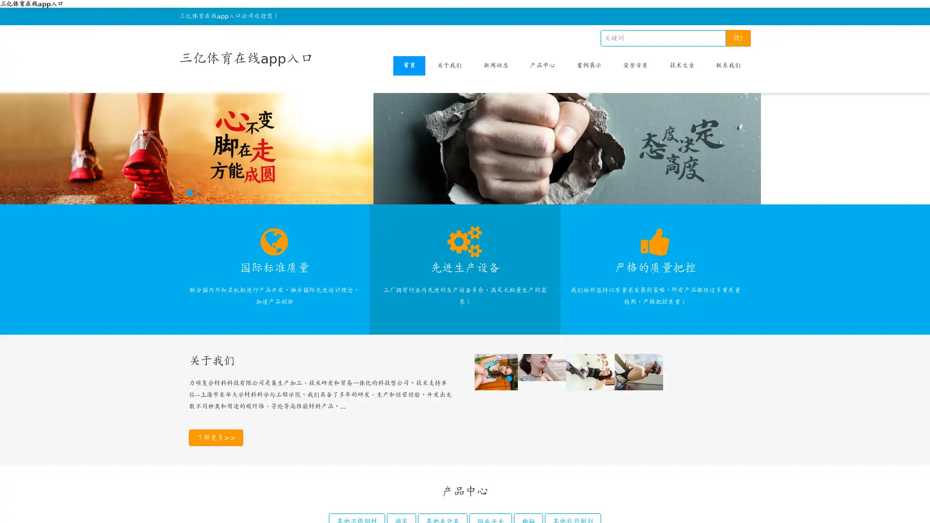 This screenshot has width=930, height=523. Describe the element at coordinates (738, 37) in the screenshot. I see `!` at that location.